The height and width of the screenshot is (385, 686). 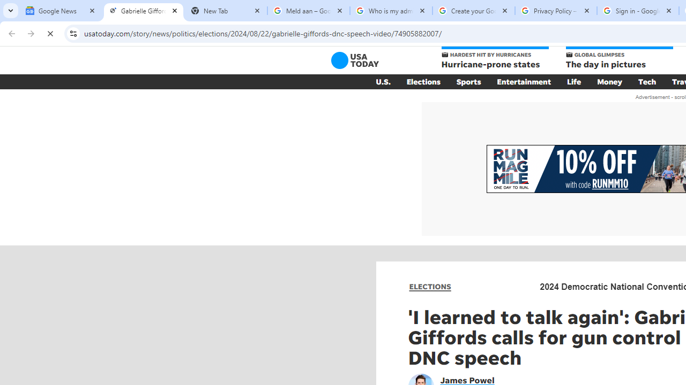 I want to click on 'USA TODAY', so click(x=354, y=60).